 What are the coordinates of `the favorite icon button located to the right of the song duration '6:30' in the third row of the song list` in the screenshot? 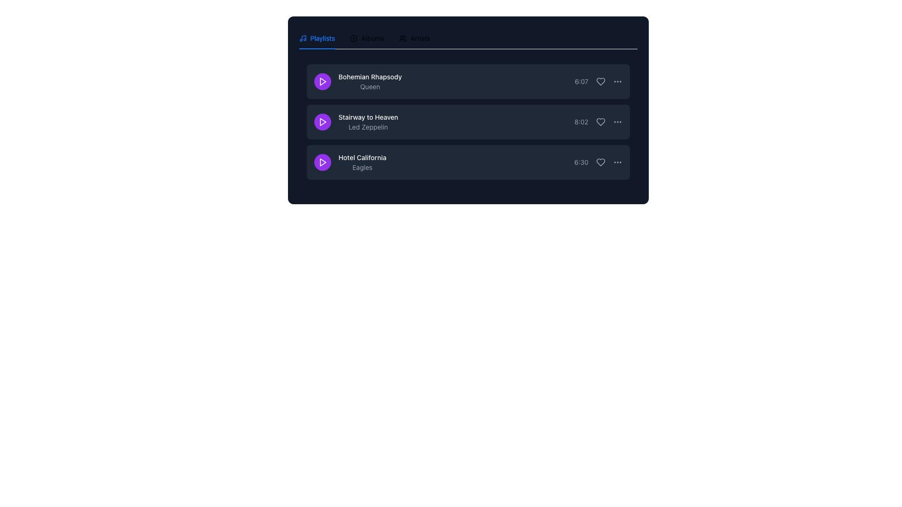 It's located at (600, 162).